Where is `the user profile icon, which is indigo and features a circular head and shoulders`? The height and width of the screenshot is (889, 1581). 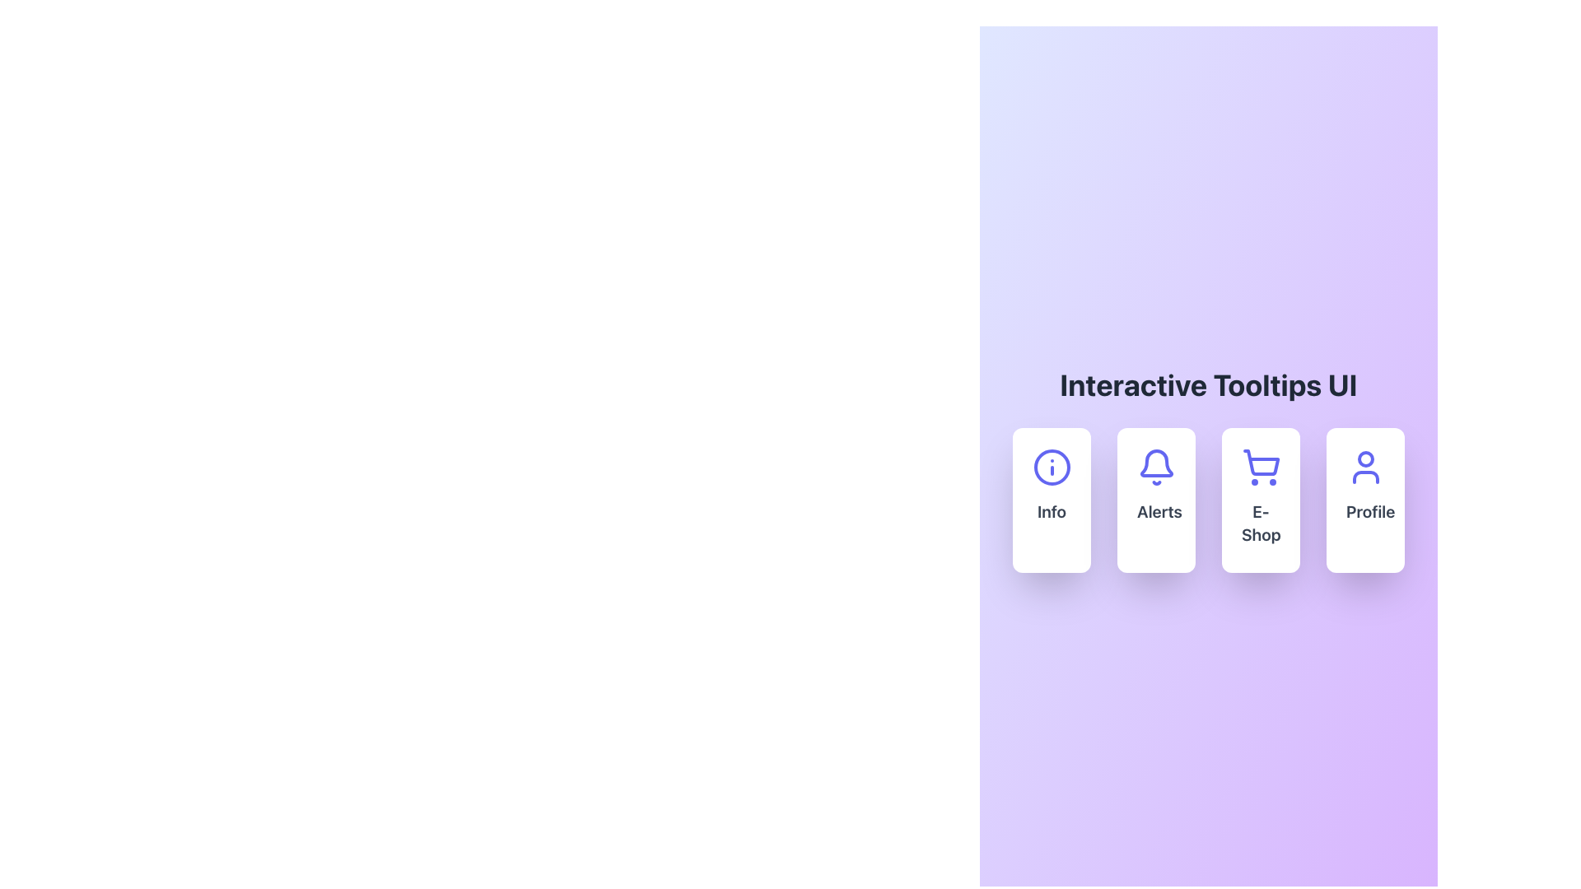 the user profile icon, which is indigo and features a circular head and shoulders is located at coordinates (1366, 467).